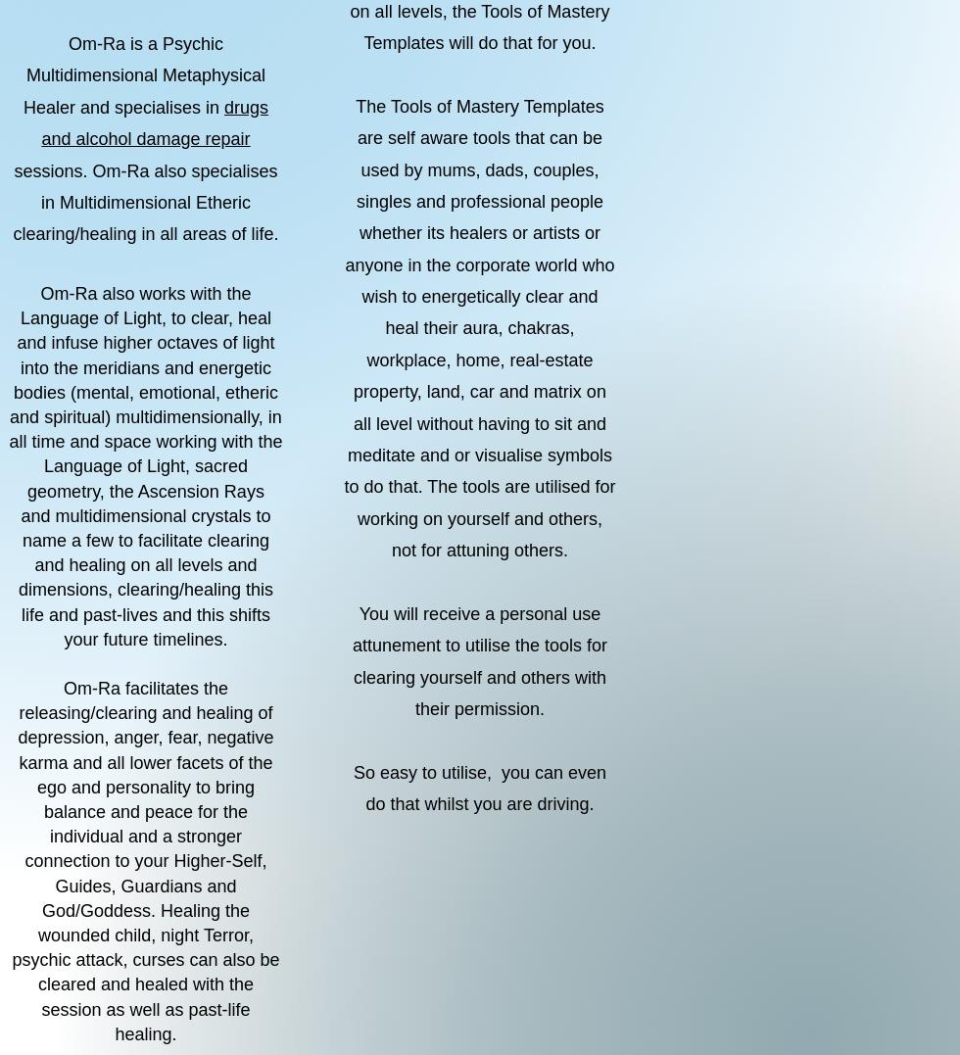  What do you see at coordinates (145, 201) in the screenshot?
I see `'sessions. Om-Ra also specialises in Multidimensional Etheric clearing/healing in all areas of life.'` at bounding box center [145, 201].